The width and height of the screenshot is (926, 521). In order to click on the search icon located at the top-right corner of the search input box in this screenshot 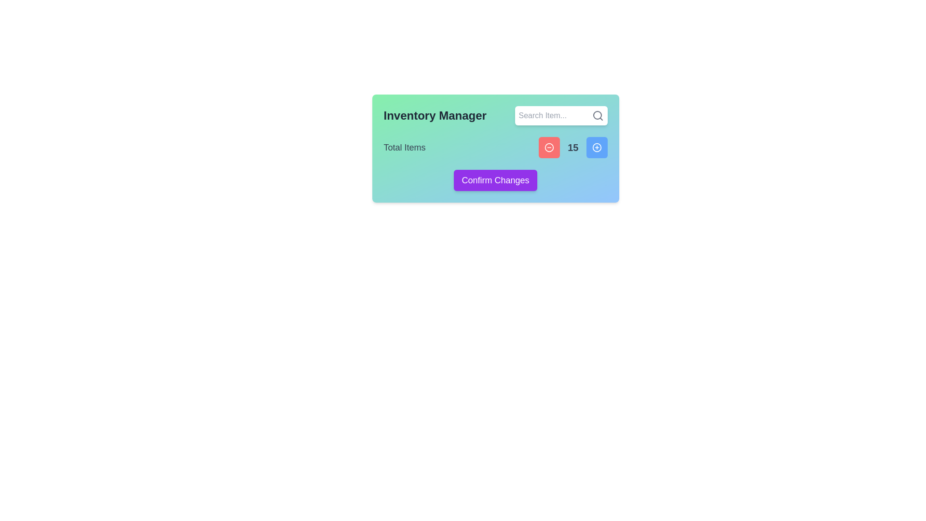, I will do `click(597, 115)`.